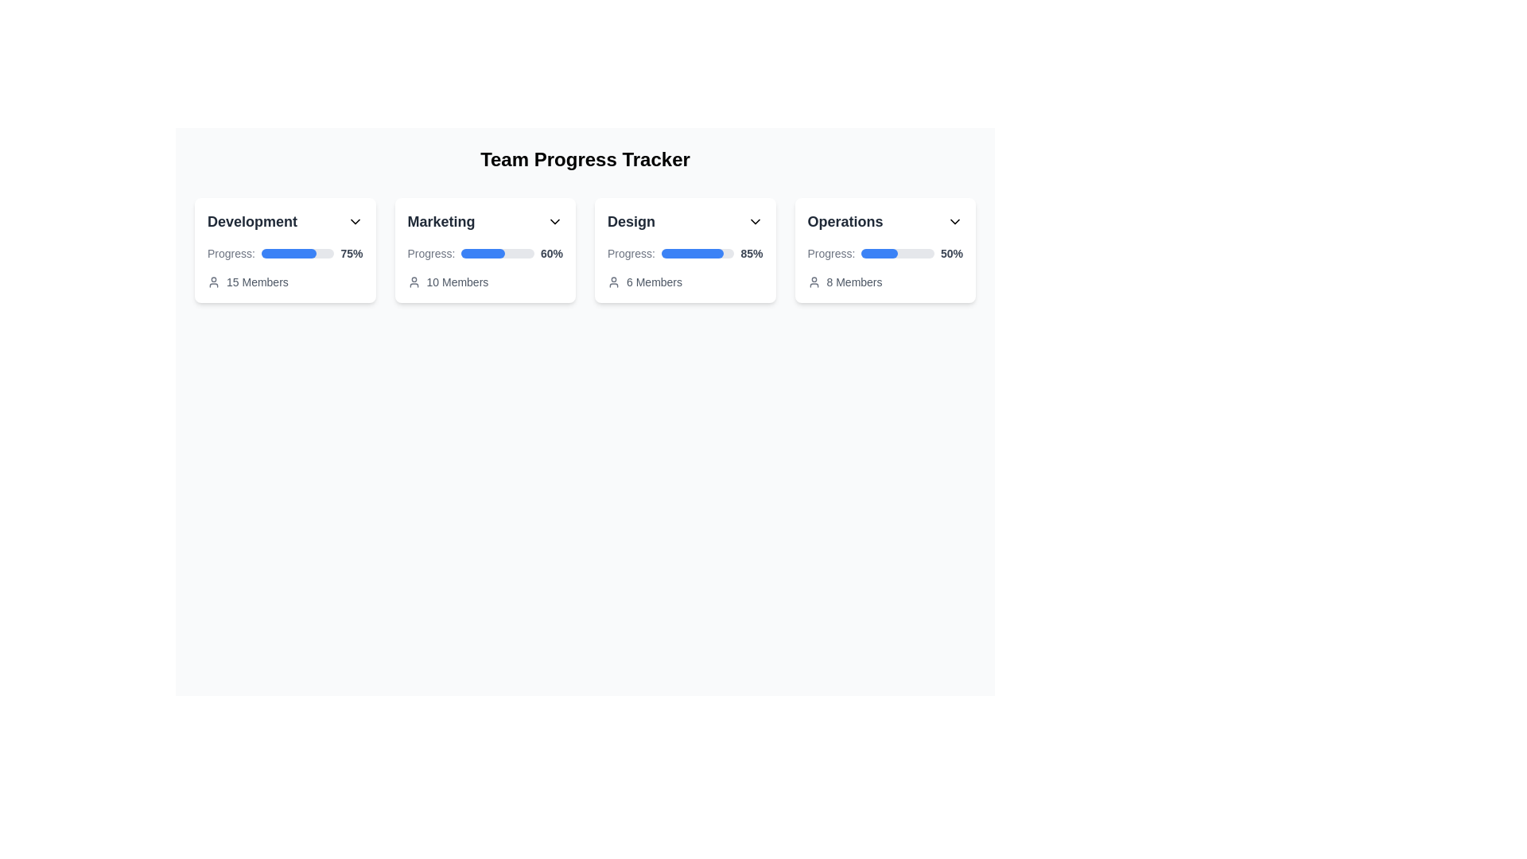 This screenshot has height=859, width=1527. I want to click on the visual representation of the progress bar located in the 'Development' section of the 'Team Progress Tracker' interface, positioned below the 'Progress:' label and to the left of the '75%' completion text, so click(297, 253).